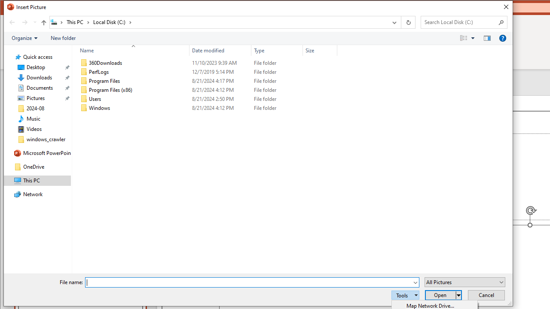 This screenshot has height=309, width=550. I want to click on 'Views', so click(469, 38).